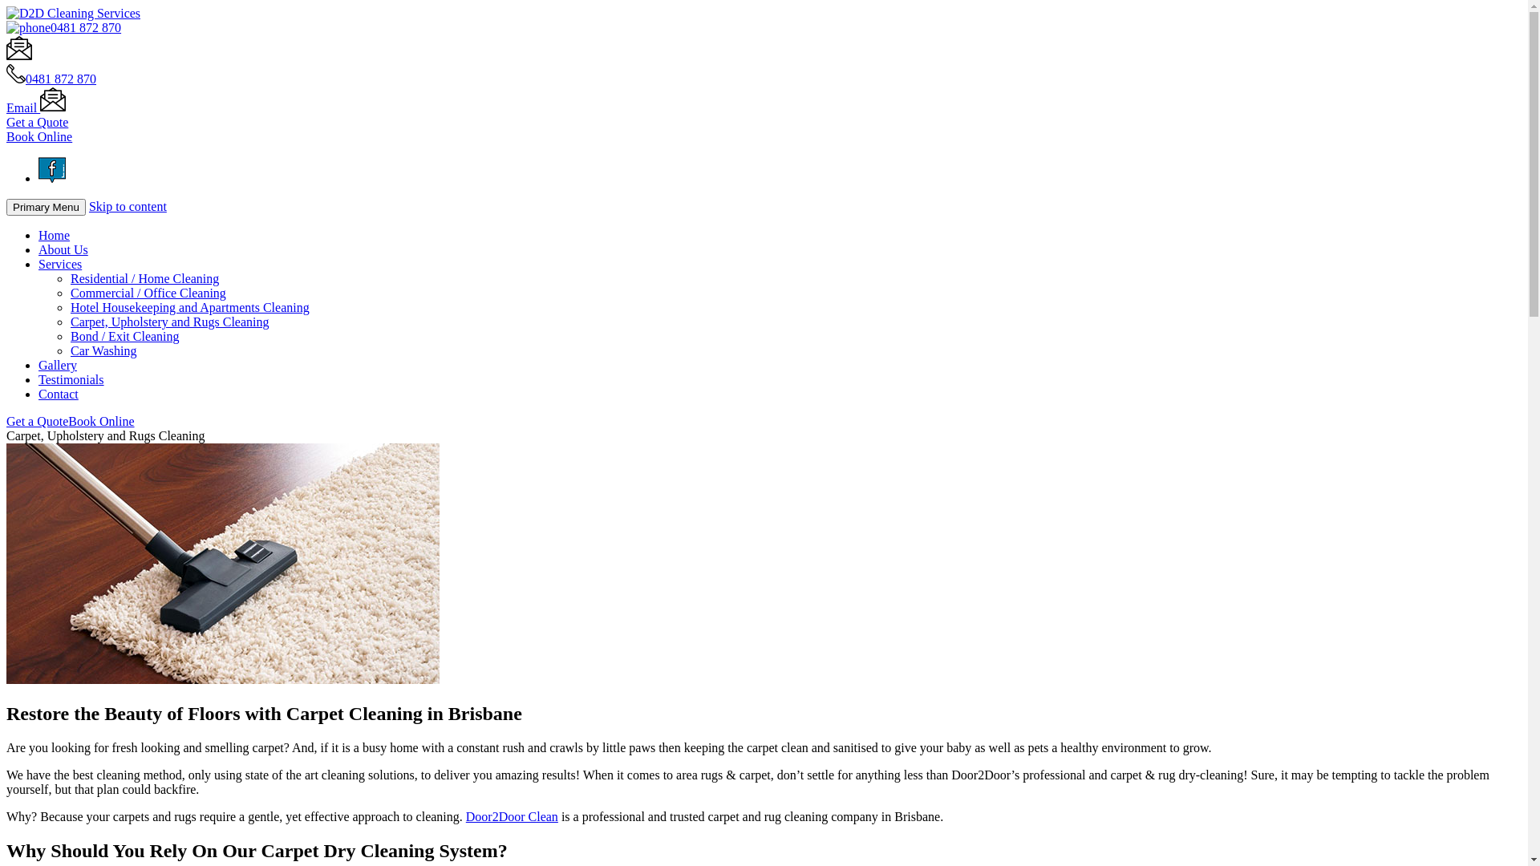 The width and height of the screenshot is (1540, 866). I want to click on 'Email', so click(35, 107).